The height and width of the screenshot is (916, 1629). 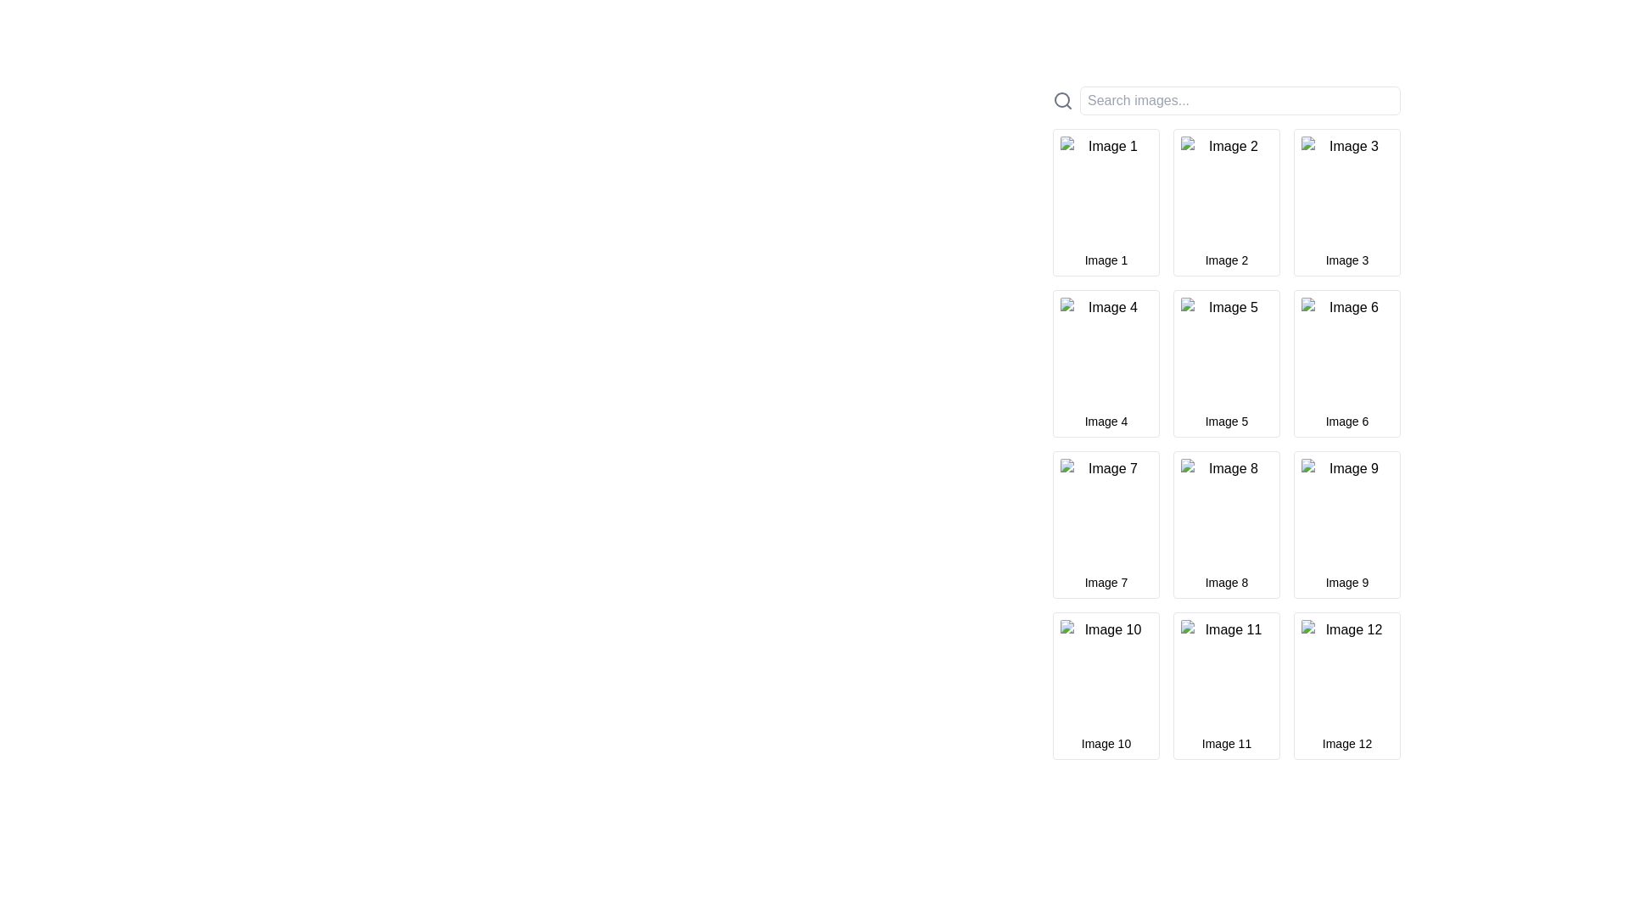 I want to click on the image placeholder component located at the first position in the grid structure, between 'Image 1' and 'Image 3', so click(x=1226, y=190).